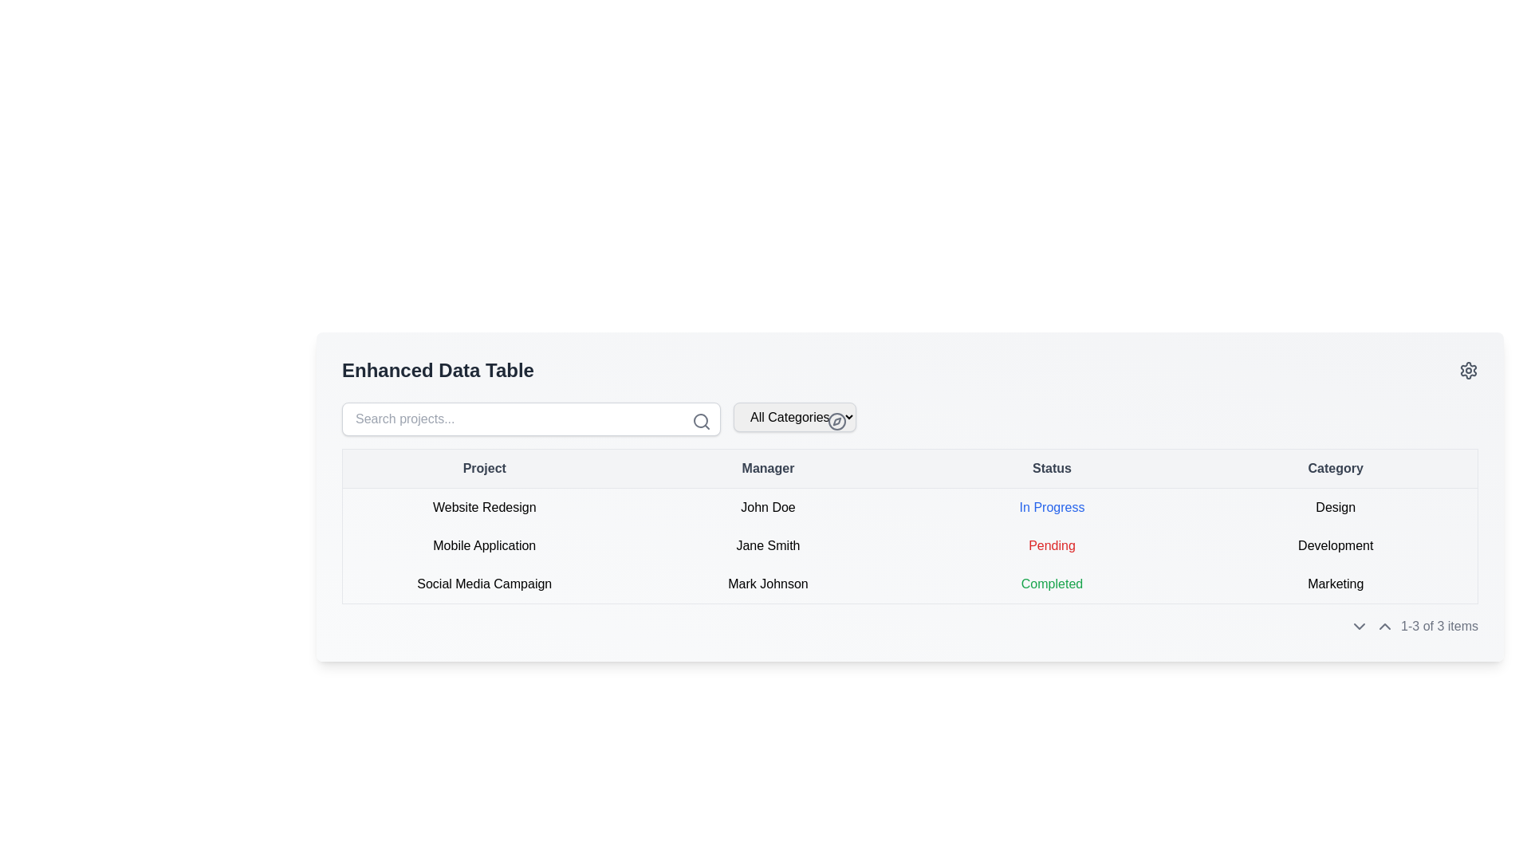 This screenshot has width=1531, height=861. I want to click on the outermost circle of the compass icon located in the top-right corner of the Enhanced Data Table header area, so click(836, 420).